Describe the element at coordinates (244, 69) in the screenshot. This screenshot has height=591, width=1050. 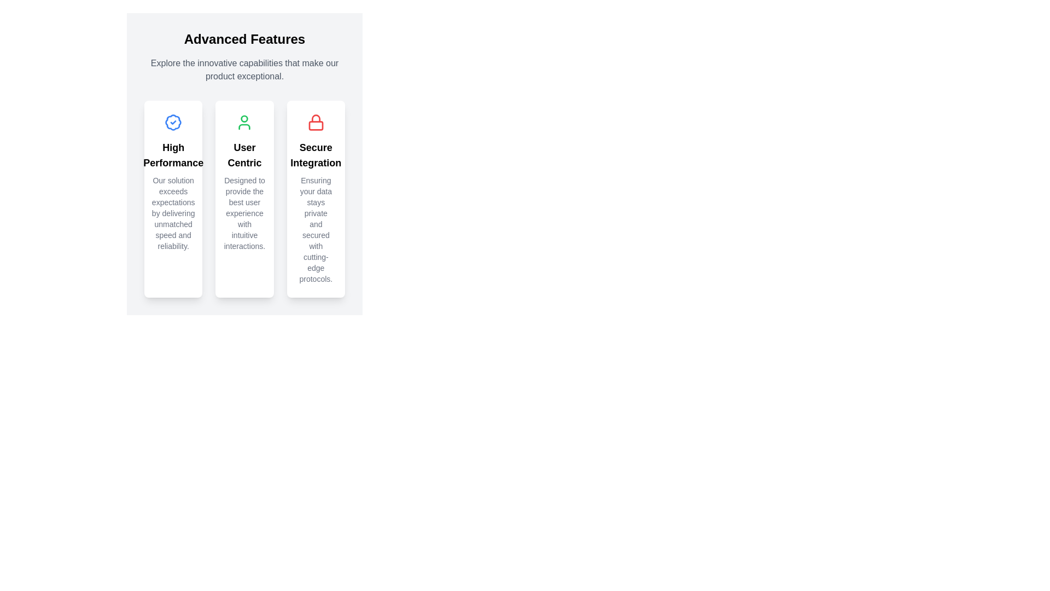
I see `the static text element displaying 'Explore the innovative capabilities that make our product exceptional.' which is located beneath the 'Advanced Features' title` at that location.